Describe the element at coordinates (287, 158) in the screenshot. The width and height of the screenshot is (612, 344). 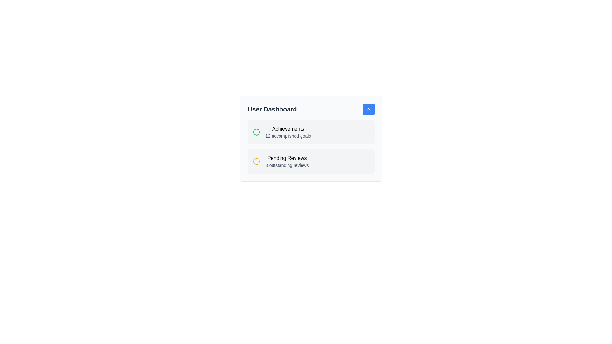
I see `text label 'Pending Reviews' located at the top of the section containing '3 outstanding reviews' in the bottom row of the dashboard` at that location.